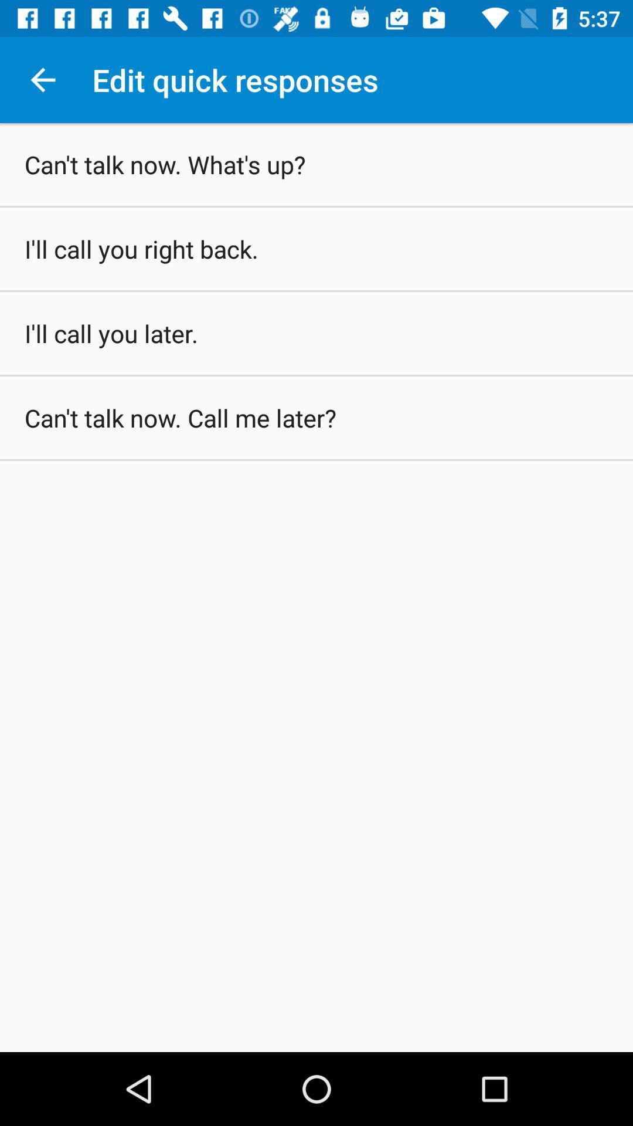 This screenshot has height=1126, width=633. I want to click on the item next to edit quick responses, so click(42, 79).